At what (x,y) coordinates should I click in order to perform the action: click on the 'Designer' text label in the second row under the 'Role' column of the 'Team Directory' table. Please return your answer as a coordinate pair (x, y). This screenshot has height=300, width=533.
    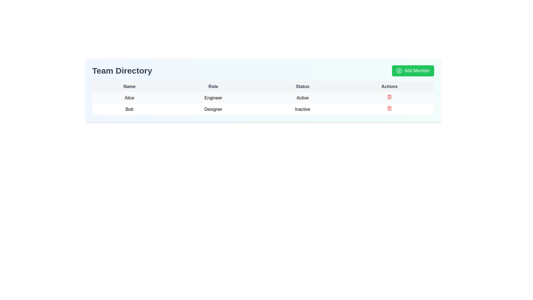
    Looking at the image, I should click on (213, 109).